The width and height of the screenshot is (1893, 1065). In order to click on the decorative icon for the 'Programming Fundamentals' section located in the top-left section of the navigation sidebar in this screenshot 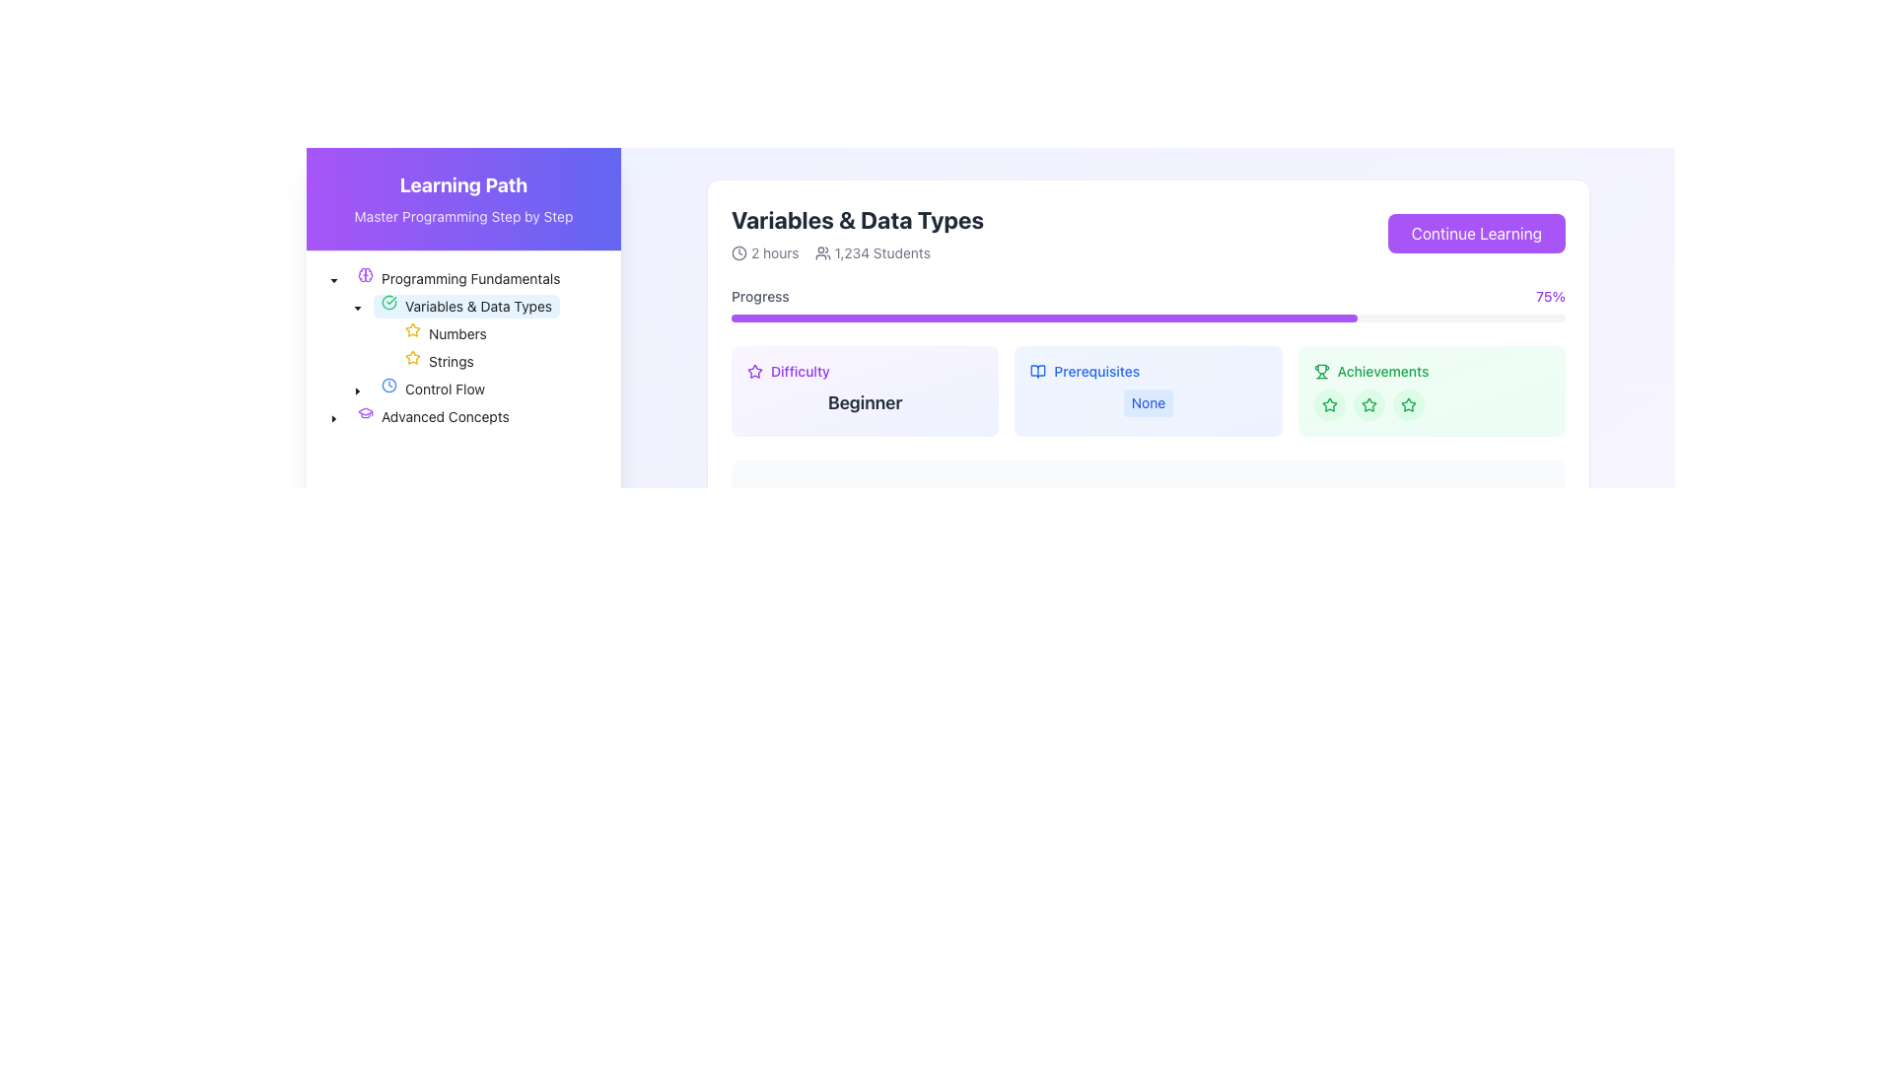, I will do `click(365, 274)`.